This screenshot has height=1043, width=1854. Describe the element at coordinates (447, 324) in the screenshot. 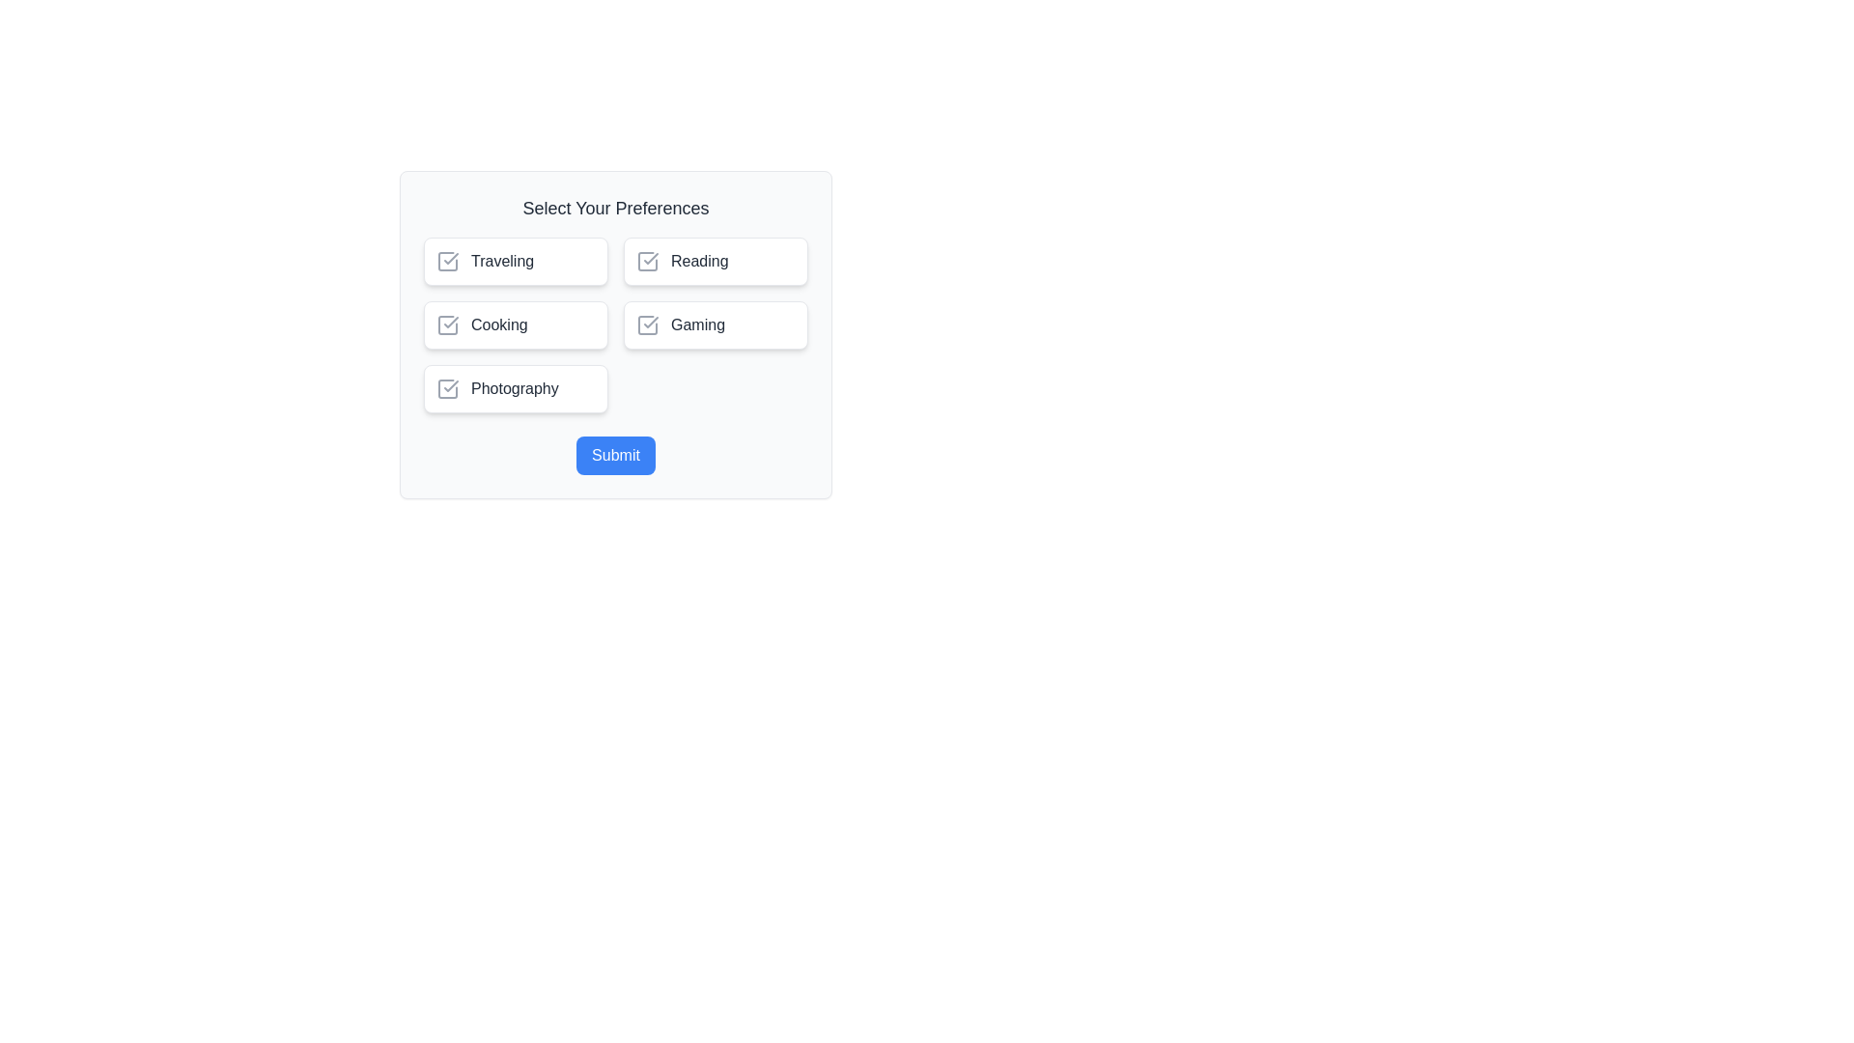

I see `the checkbox for the 'Cooking' preference` at that location.